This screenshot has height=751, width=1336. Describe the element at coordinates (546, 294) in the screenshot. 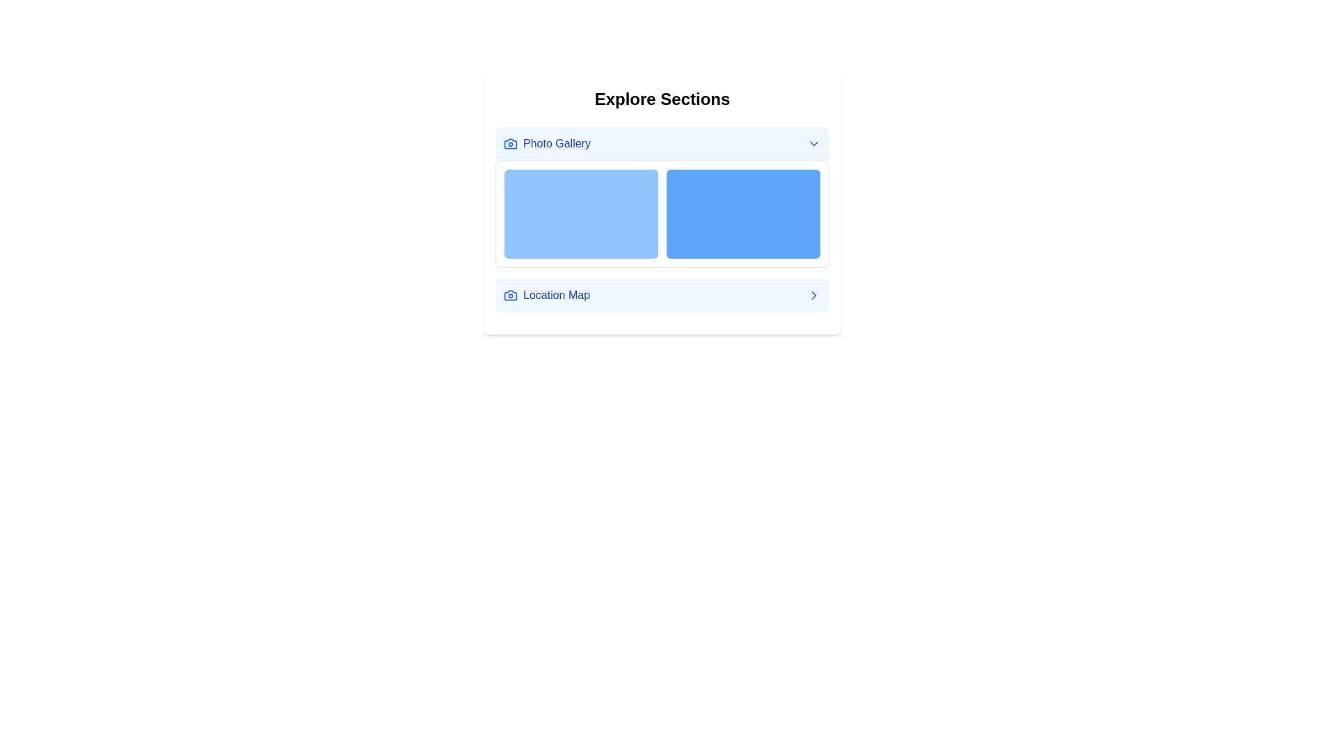

I see `the text label reading 'Location Map', which is styled with blue font and located next to a blue camera icon in the menu section under 'Explore Sections'` at that location.